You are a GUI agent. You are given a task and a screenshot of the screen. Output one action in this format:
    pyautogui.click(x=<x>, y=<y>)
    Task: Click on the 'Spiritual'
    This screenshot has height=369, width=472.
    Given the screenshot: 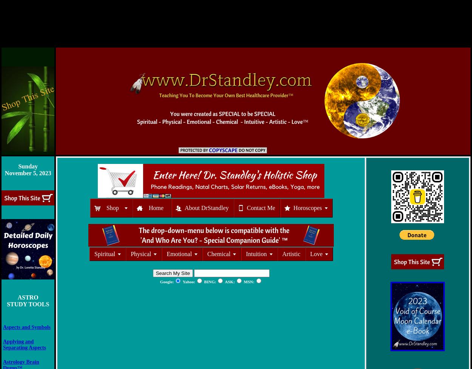 What is the action you would take?
    pyautogui.click(x=105, y=254)
    